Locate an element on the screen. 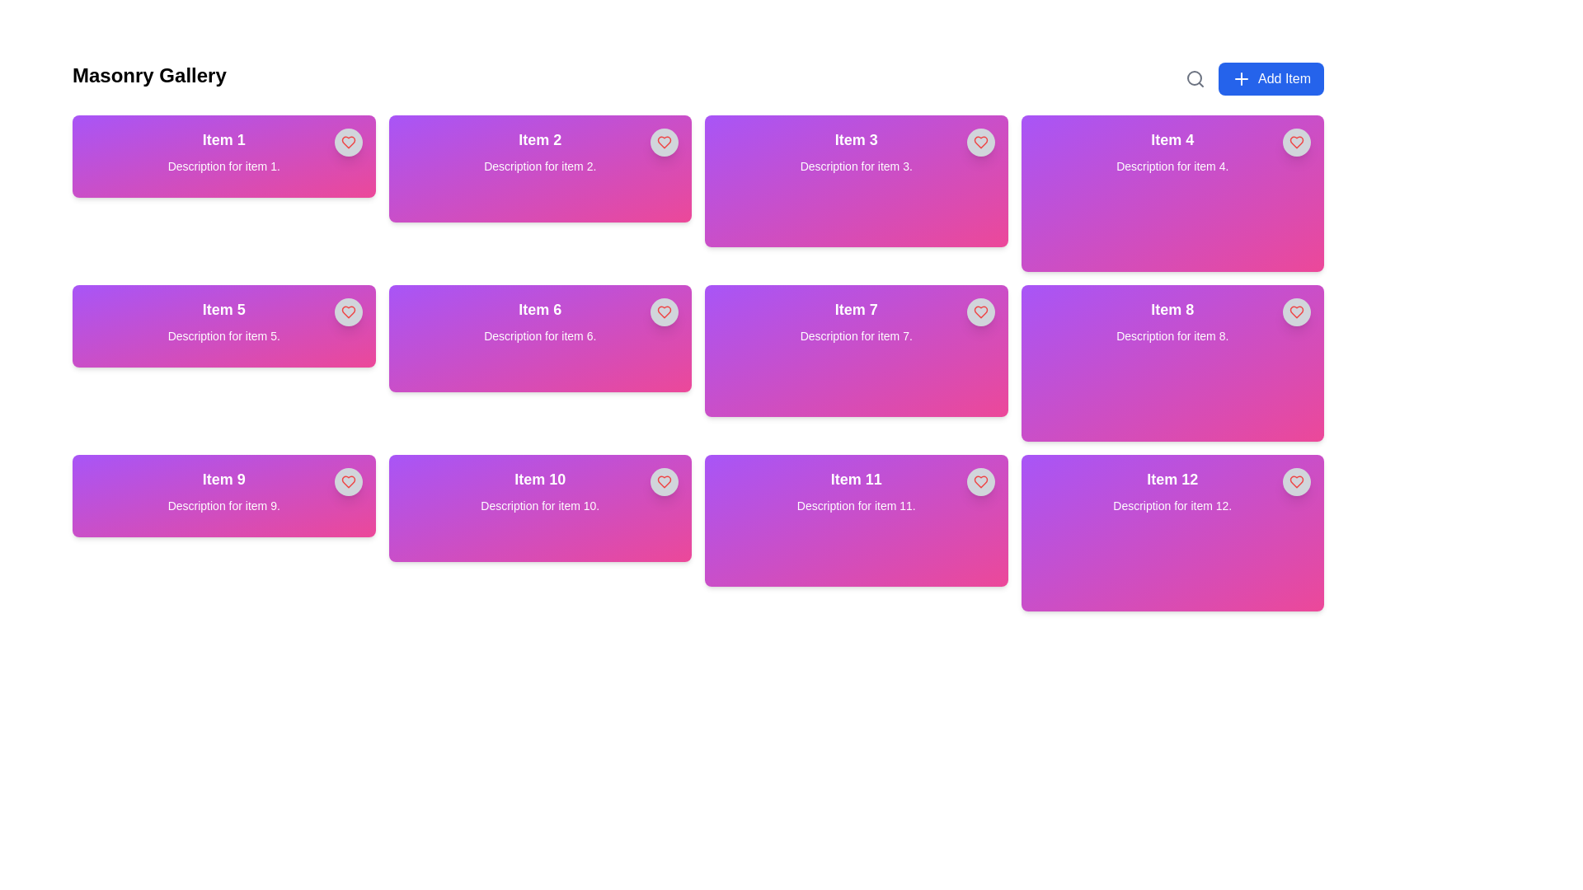 The width and height of the screenshot is (1583, 890). the circular button with a light gray background and a red heart icon at the top-right corner of the card labeled 'Item 3' to favorite the associated item is located at coordinates (980, 142).